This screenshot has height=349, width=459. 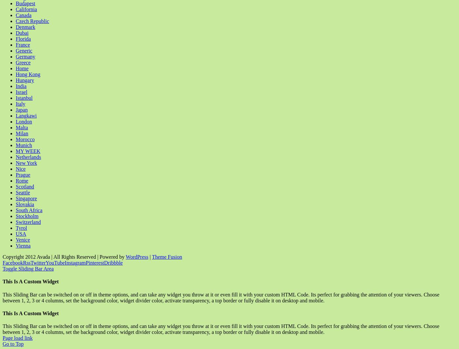 What do you see at coordinates (16, 145) in the screenshot?
I see `'Munich'` at bounding box center [16, 145].